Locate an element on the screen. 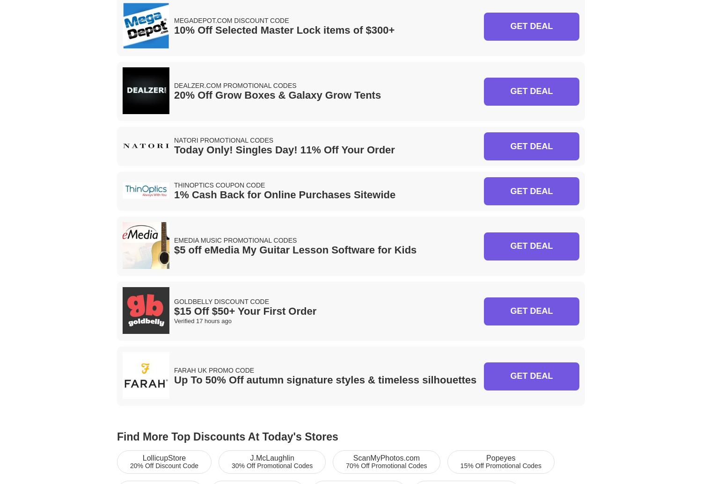 The width and height of the screenshot is (702, 484). 'Today Only! Singles Day! 11% Off Your Order' is located at coordinates (284, 150).